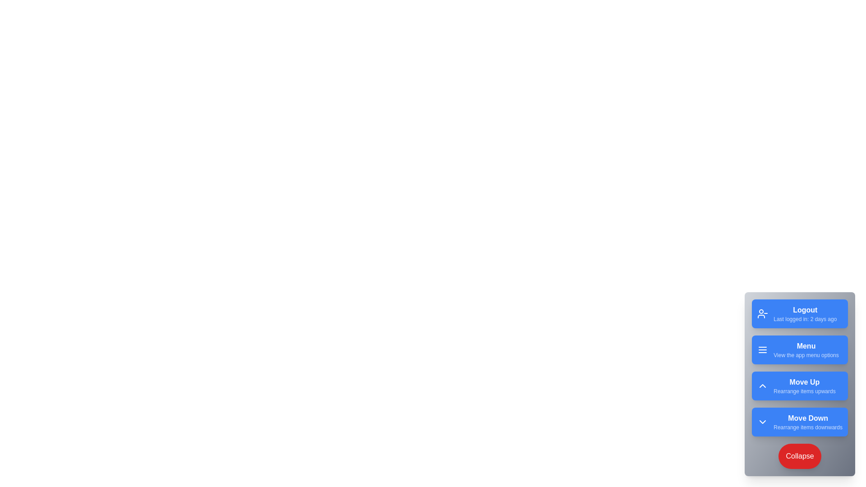 The height and width of the screenshot is (487, 866). Describe the element at coordinates (806, 349) in the screenshot. I see `the 'Menu' label which consists of two lines of text, with 'Menu' in bold and large font and 'View the app menu options' in smaller font, located on a blue background` at that location.